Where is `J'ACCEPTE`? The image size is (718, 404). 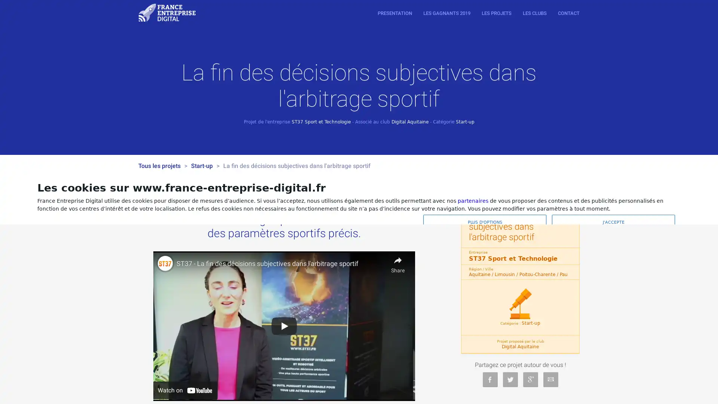
J'ACCEPTE is located at coordinates (613, 222).